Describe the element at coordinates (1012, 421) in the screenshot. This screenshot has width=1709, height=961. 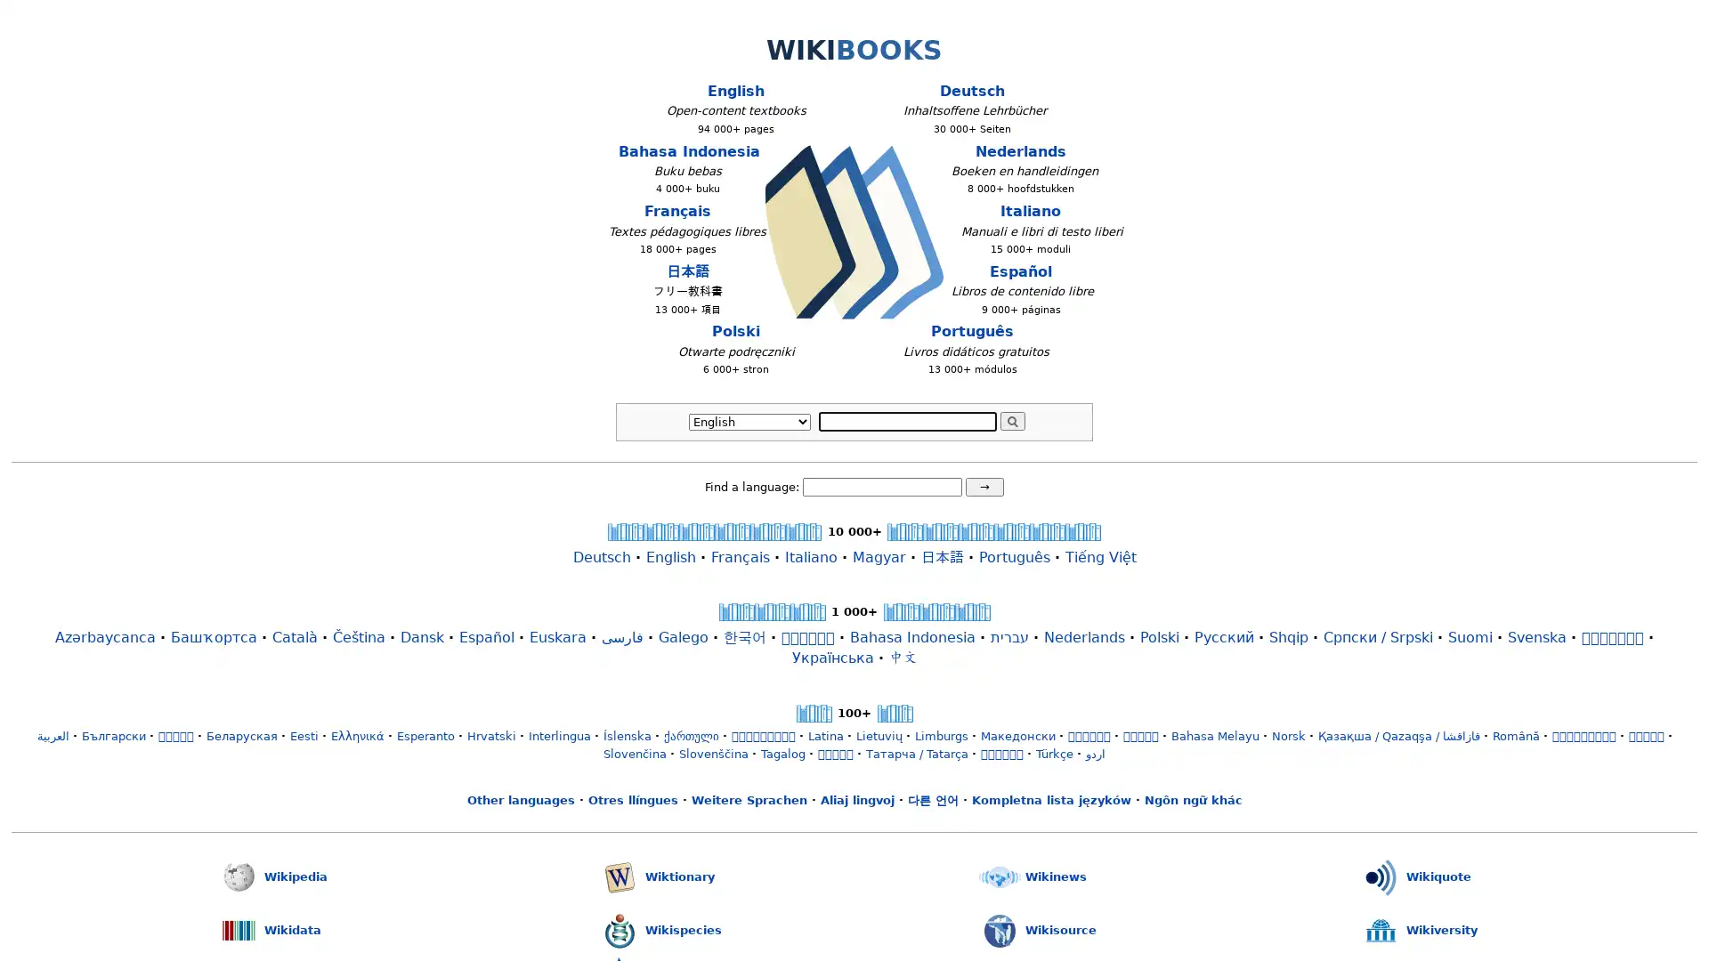
I see `Search` at that location.